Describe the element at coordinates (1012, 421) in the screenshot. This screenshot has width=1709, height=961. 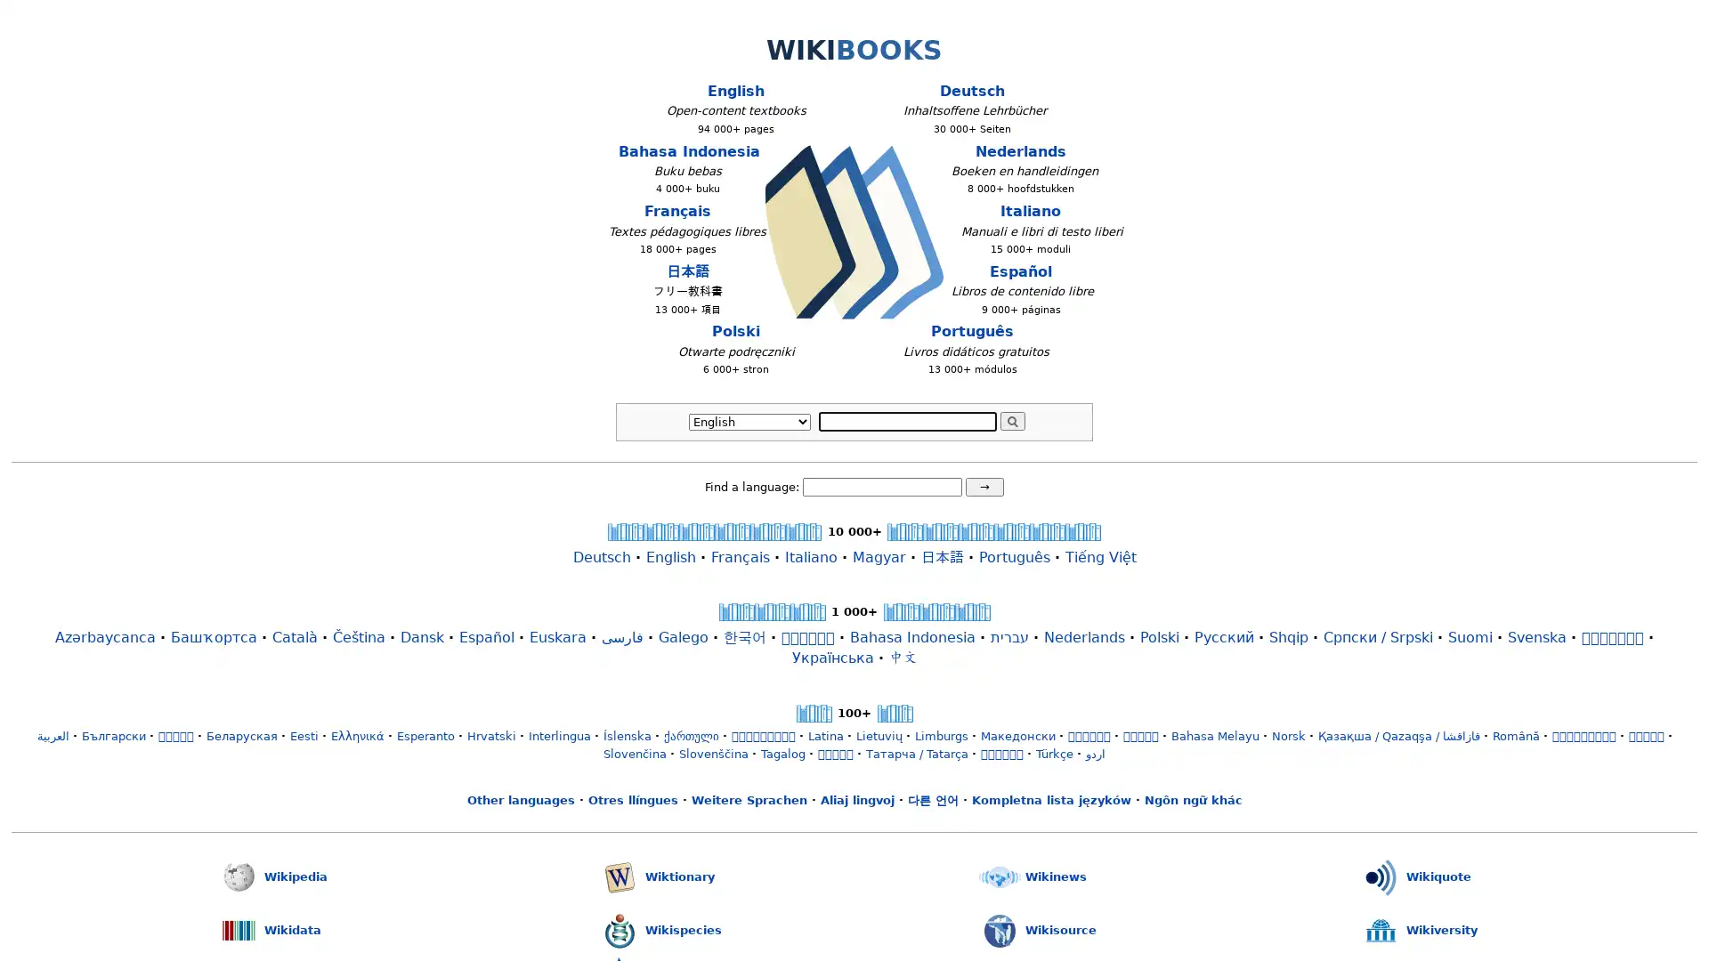
I see `Search` at that location.